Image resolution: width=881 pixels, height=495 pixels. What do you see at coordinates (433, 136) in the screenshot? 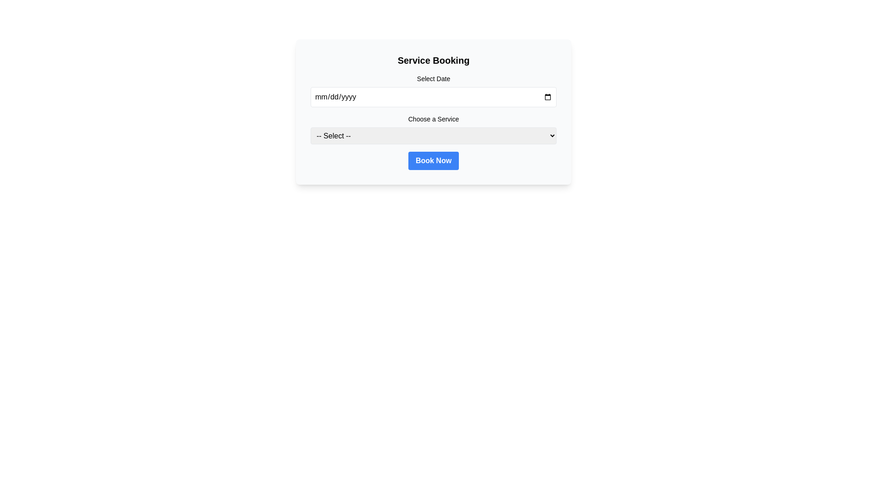
I see `an option from the dropdown menu that is styled with a border and rounded corners, located directly below the label 'Choose a Service'` at bounding box center [433, 136].